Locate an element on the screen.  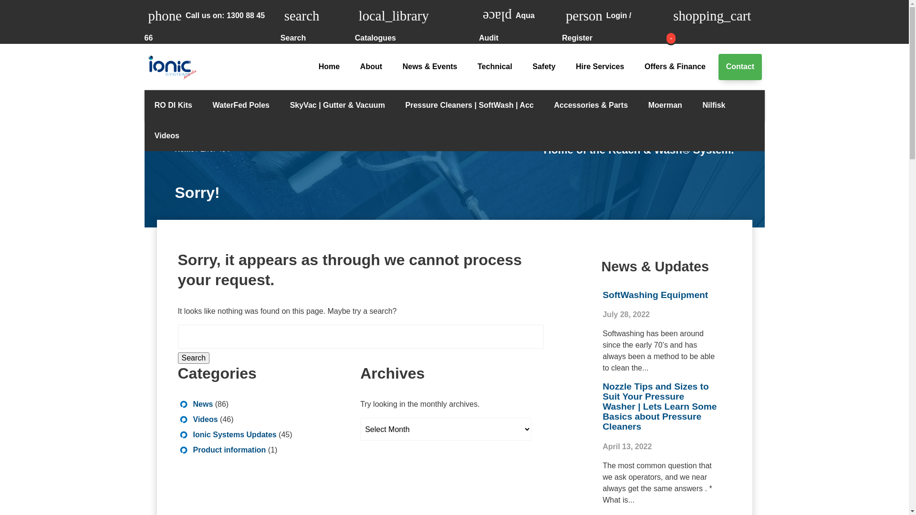
'Hire Services' is located at coordinates (599, 66).